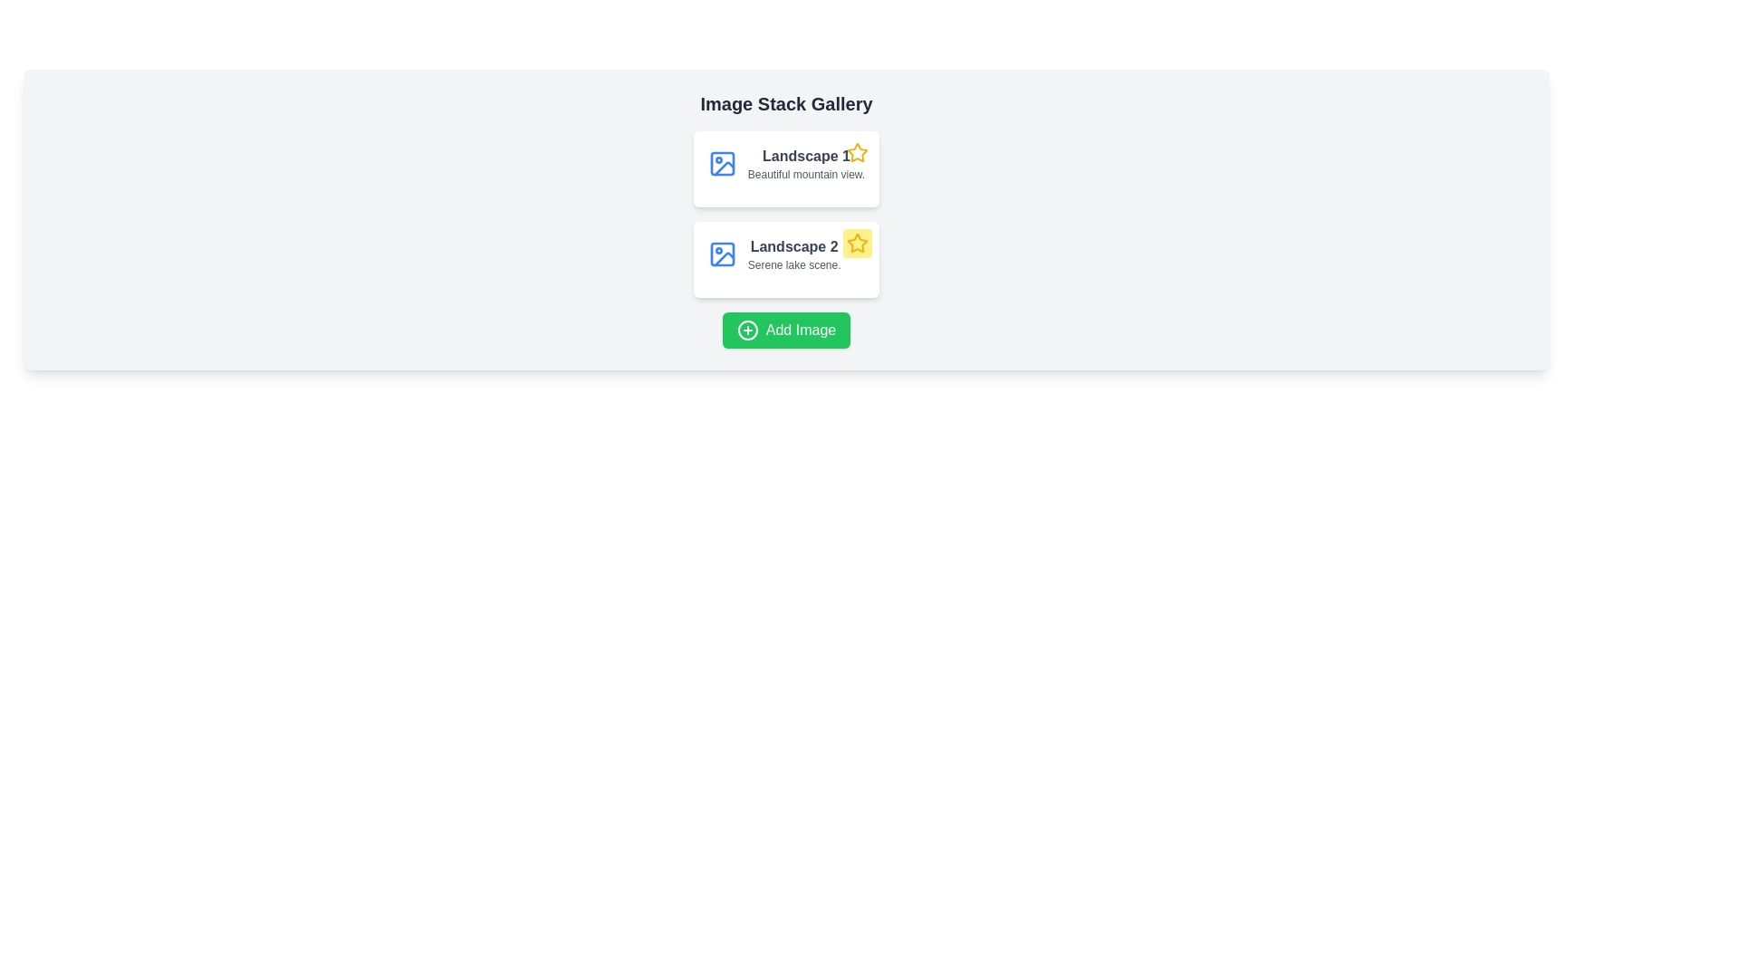 Image resolution: width=1739 pixels, height=978 pixels. Describe the element at coordinates (721, 254) in the screenshot. I see `the blue SVG icon representing an image located in the second image card labeled 'Landscape 2' with the descriptive text 'Serene lake scene.'` at that location.